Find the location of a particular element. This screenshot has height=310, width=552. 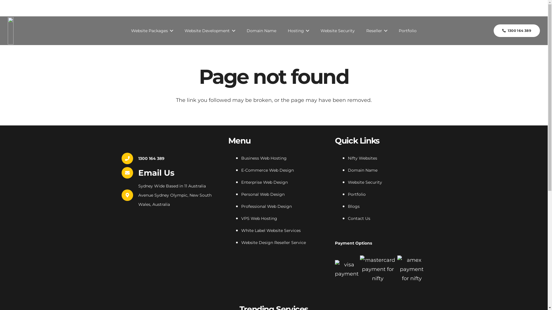

'VPS Web Hosting' is located at coordinates (259, 218).